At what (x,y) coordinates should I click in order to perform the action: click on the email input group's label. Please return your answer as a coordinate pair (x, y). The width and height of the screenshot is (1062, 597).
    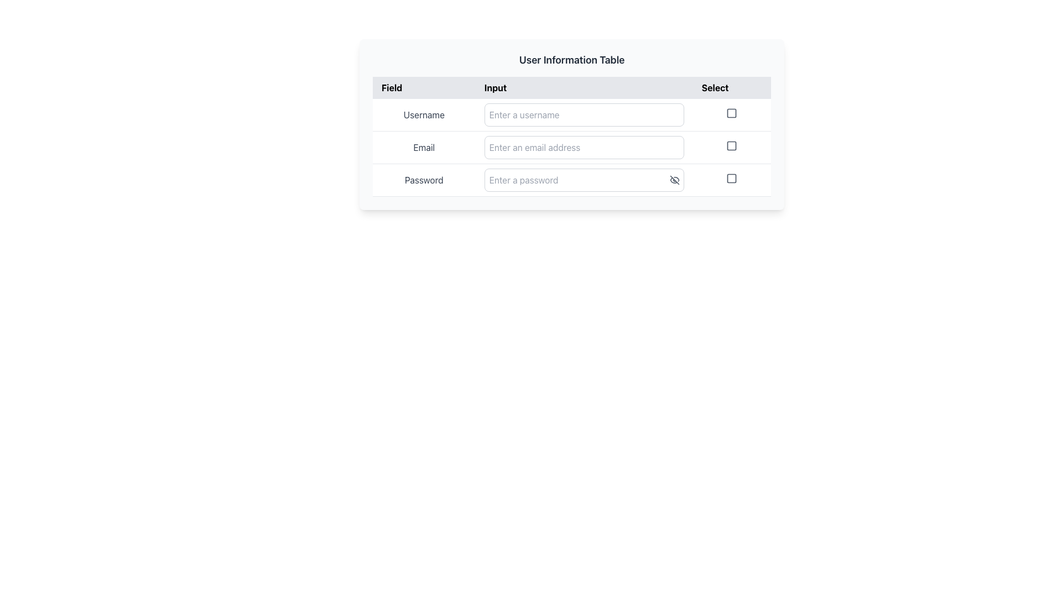
    Looking at the image, I should click on (571, 146).